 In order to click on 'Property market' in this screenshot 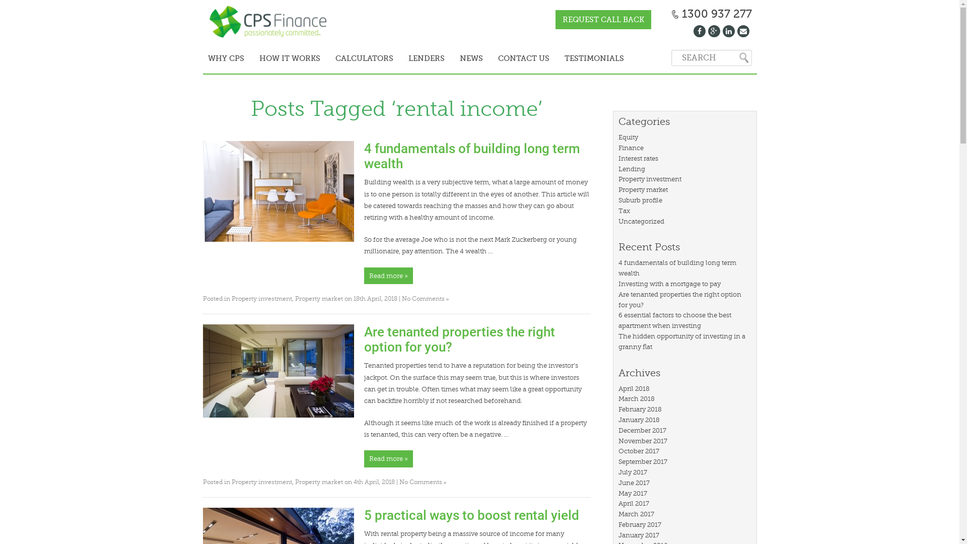, I will do `click(642, 189)`.